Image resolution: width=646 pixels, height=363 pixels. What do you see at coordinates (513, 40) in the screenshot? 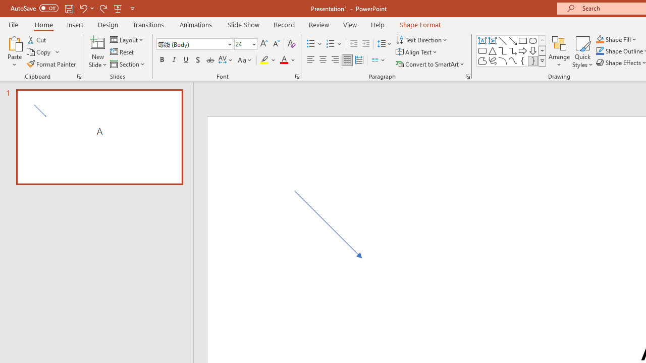
I see `'Line Arrow'` at bounding box center [513, 40].